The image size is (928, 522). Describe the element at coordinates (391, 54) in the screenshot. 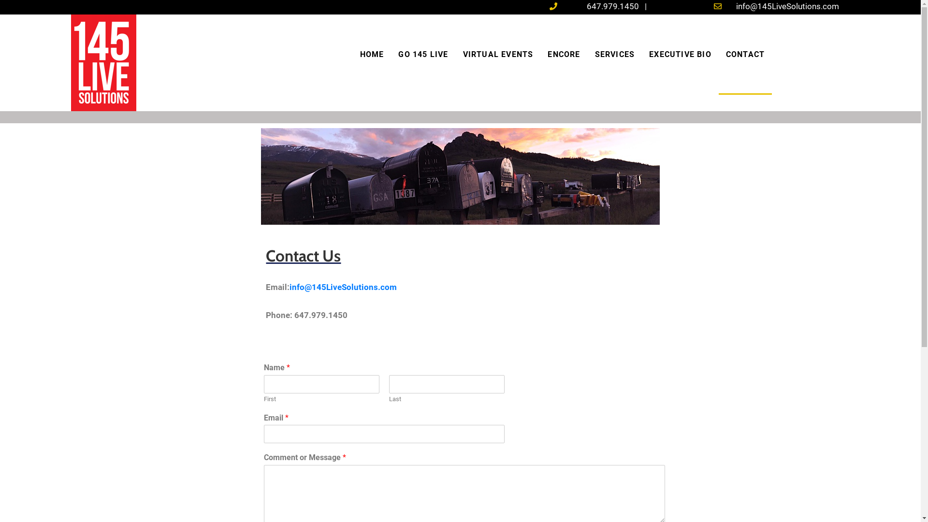

I see `'GO 145 LIVE'` at that location.